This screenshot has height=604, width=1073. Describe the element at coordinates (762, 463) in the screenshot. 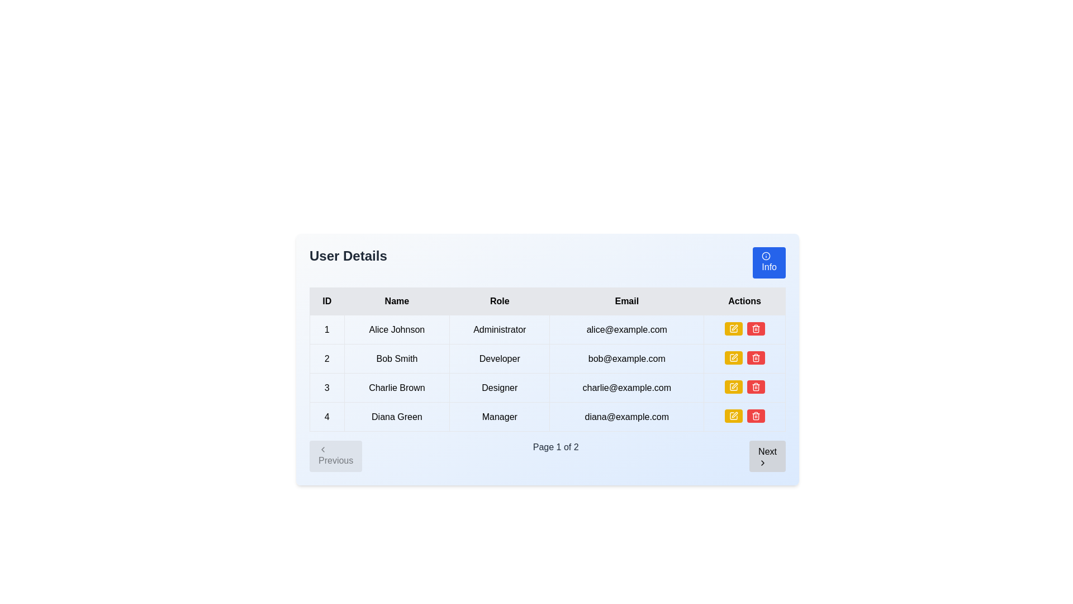

I see `the decorative and functional icon for the 'Next' button located at the bottom-right side of the application's user interface, adjacent to the 'Page 1 of 2' text` at that location.